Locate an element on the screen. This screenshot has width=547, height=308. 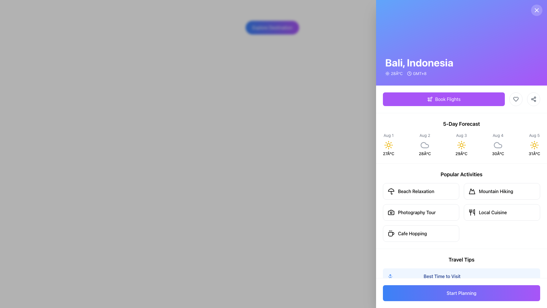
text of the heading element that indicates the weather forecast for five days, located at the upper portion of the weather summary section is located at coordinates (462, 124).